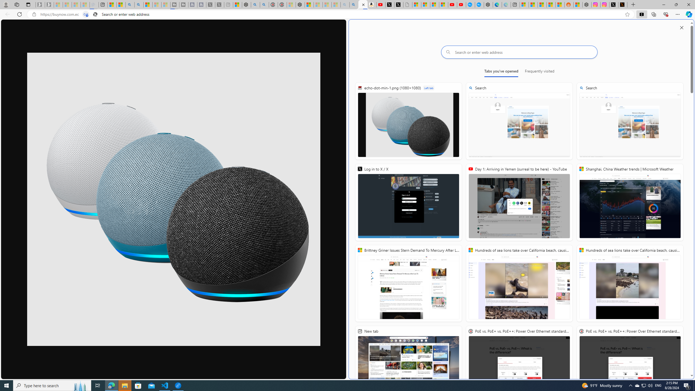 The image size is (695, 391). I want to click on 'Workspaces', so click(17, 4).